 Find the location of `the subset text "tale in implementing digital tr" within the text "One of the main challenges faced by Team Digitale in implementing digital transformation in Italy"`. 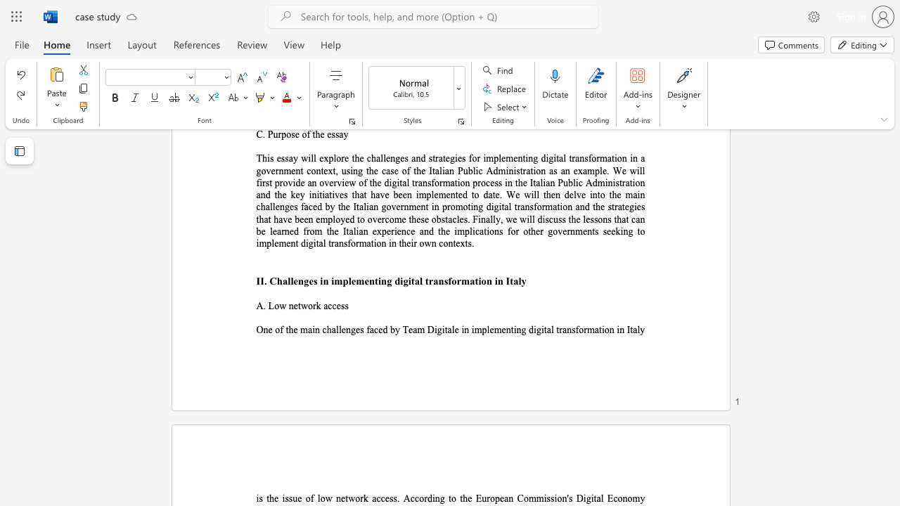

the subset text "tale in implementing digital tr" within the text "One of the main challenges faced by Team Digitale in implementing digital transformation in Italy" is located at coordinates (444, 330).